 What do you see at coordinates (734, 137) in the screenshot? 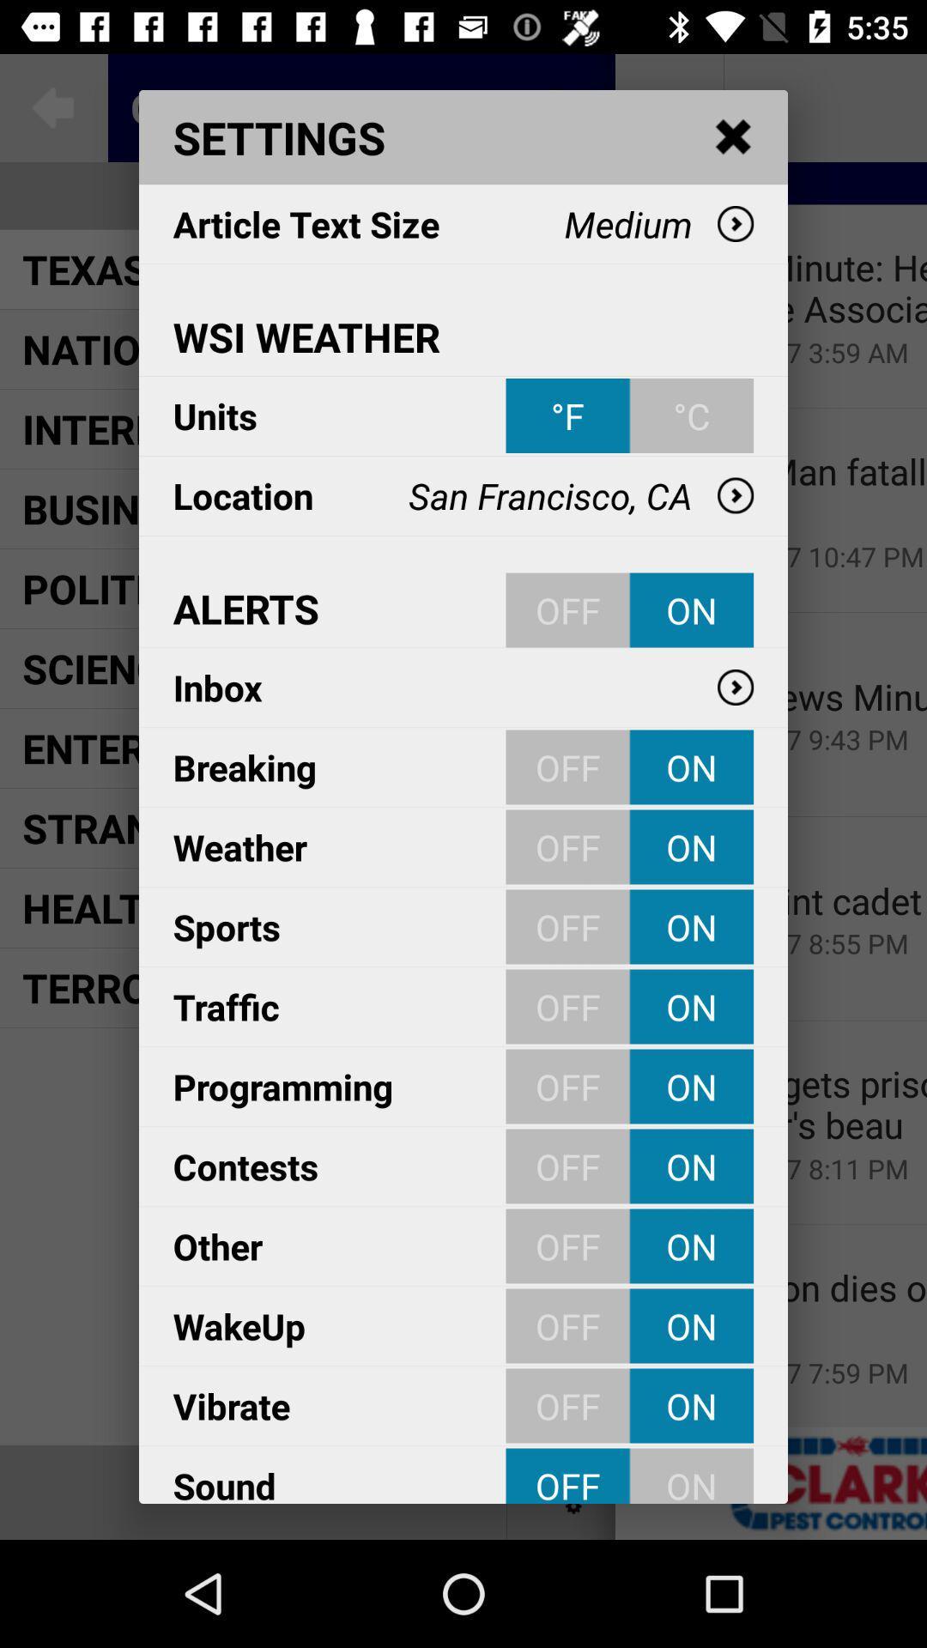
I see `the item above the medium` at bounding box center [734, 137].